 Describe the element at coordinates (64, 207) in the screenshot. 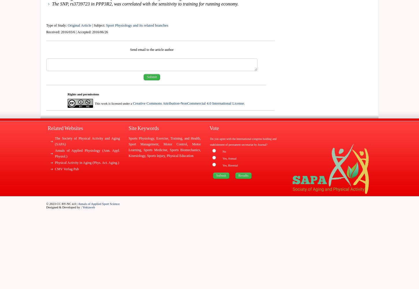

I see `'Designed & Developed by :'` at that location.